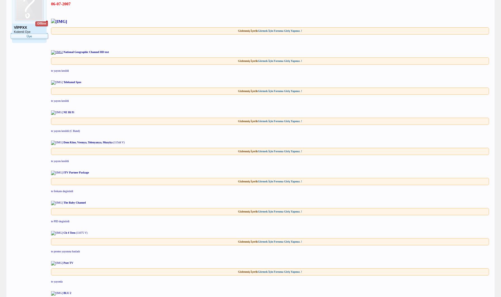 The height and width of the screenshot is (297, 501). I want to click on 'Mesajlar:', so click(19, 49).